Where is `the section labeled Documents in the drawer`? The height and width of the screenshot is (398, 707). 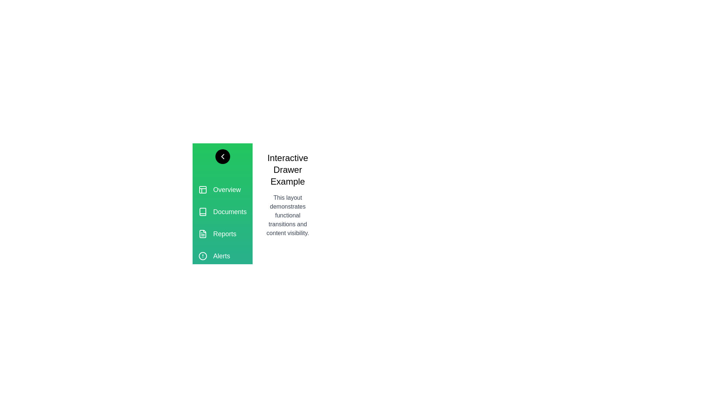
the section labeled Documents in the drawer is located at coordinates (222, 212).